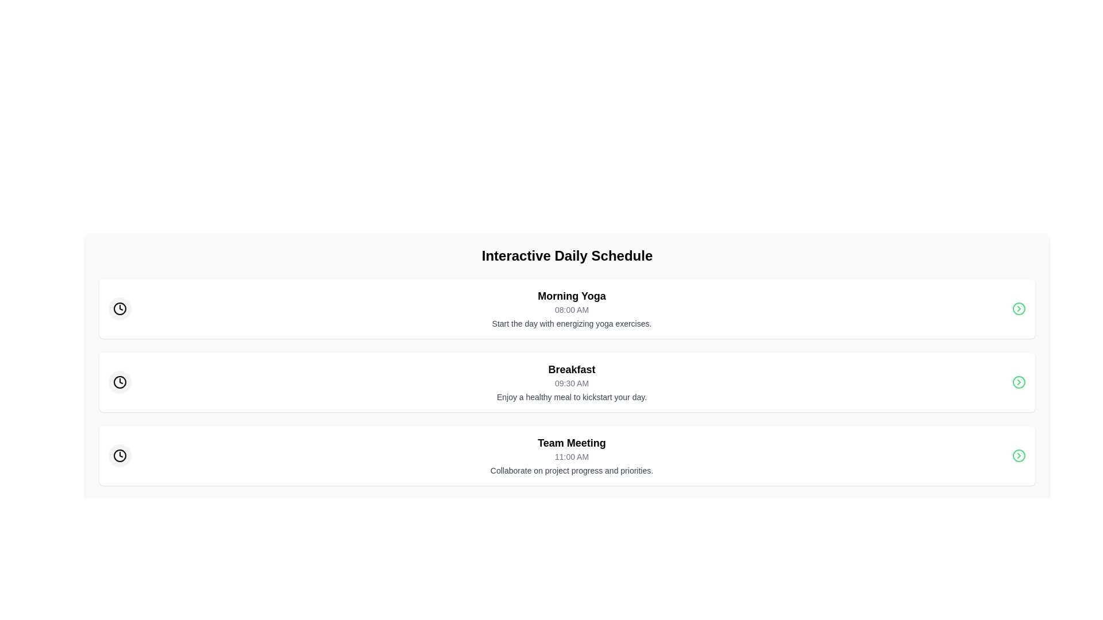 The image size is (1103, 620). I want to click on the 'Morning Yoga' text component in the Interactive Daily Schedule, which includes the title, time, and description, so click(572, 308).